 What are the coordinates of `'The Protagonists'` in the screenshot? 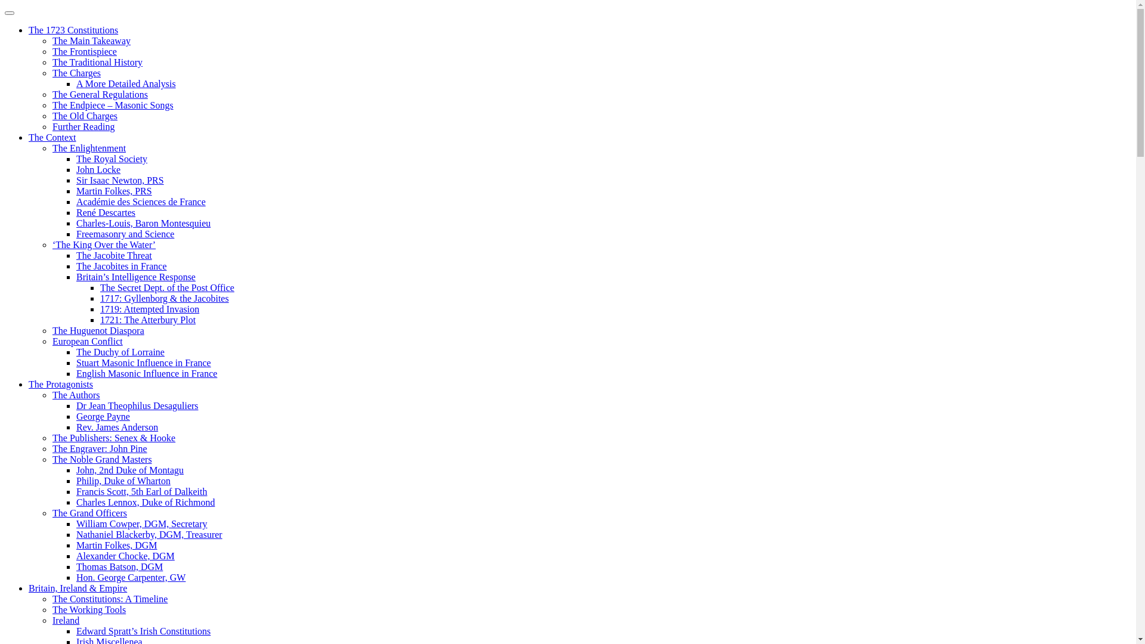 It's located at (29, 384).